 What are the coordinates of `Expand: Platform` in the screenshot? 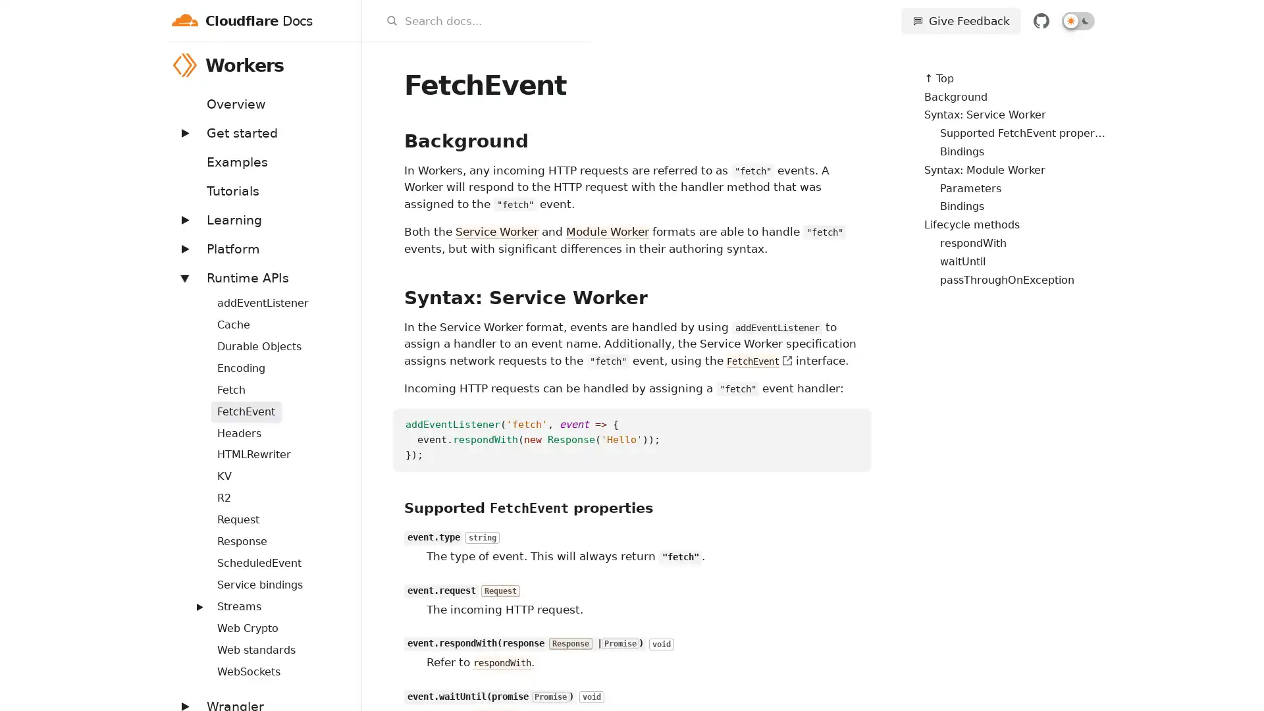 It's located at (183, 248).